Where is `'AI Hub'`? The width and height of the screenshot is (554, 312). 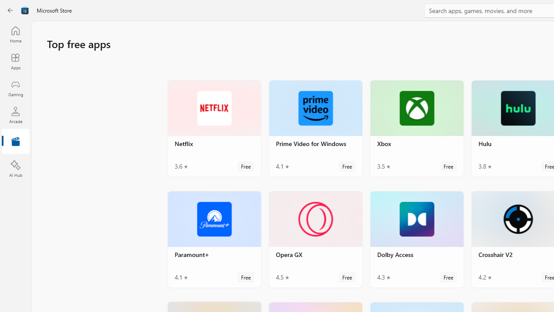
'AI Hub' is located at coordinates (15, 169).